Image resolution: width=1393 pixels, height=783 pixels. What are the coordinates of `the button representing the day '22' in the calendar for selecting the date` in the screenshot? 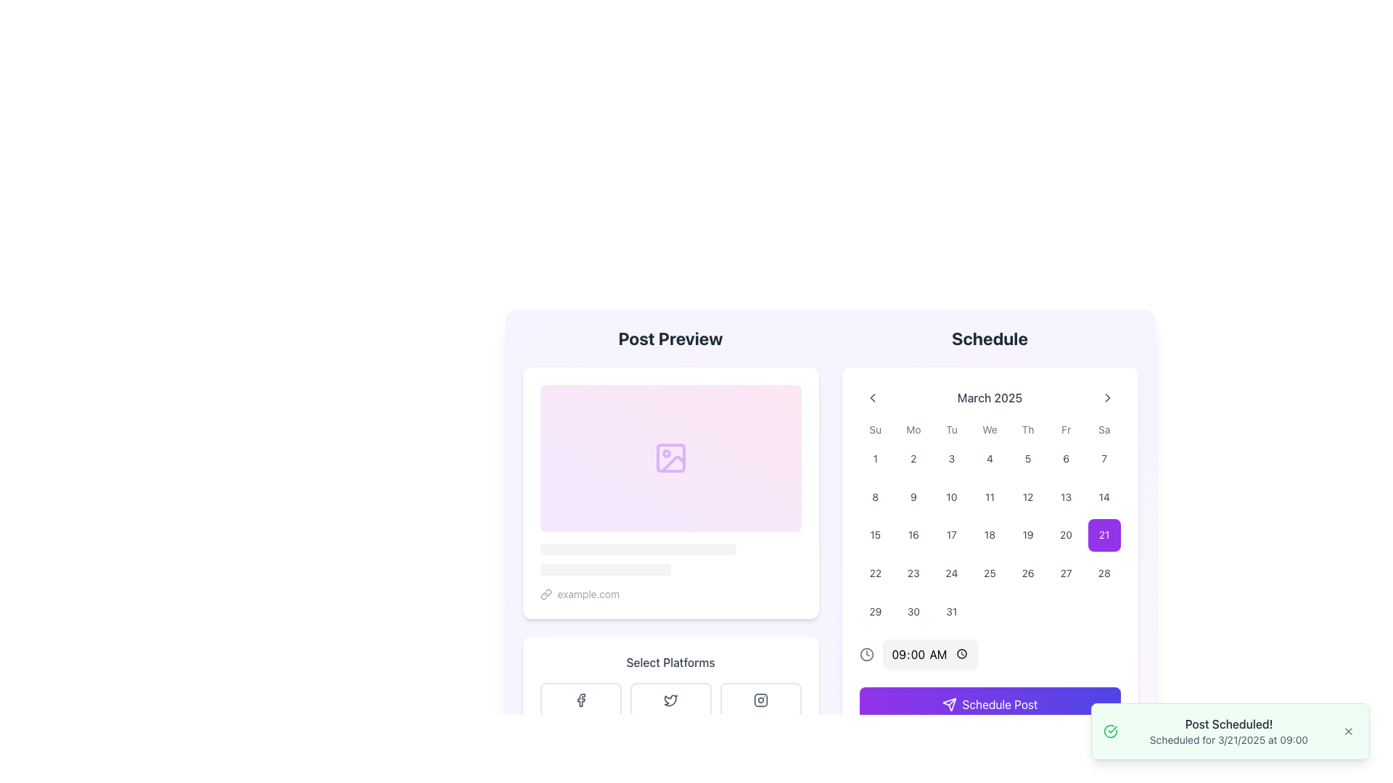 It's located at (874, 572).